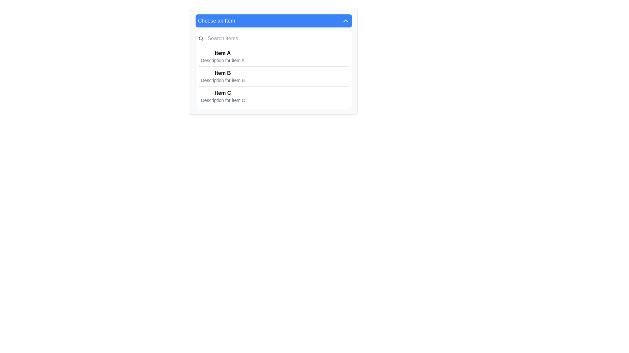 This screenshot has height=353, width=629. I want to click on the second list item in the dropdown menu that allows selection for 'Item B' for keyboard navigation, so click(274, 69).